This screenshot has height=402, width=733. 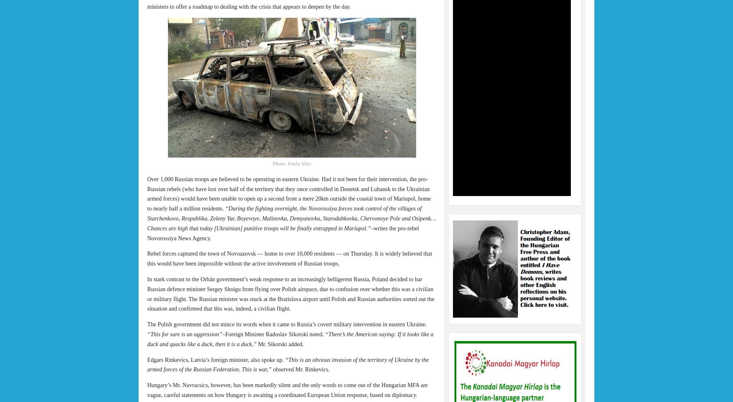 What do you see at coordinates (288, 193) in the screenshot?
I see `'Over 1,000 Russian troops are believed to be operating in eastern Ukraine. Had it not been for their intervention, the pro-Russian rebels (who have lost over half of the territory that they once controlled in Donetsk and Luhansk to the Ukrainian armed forces) would have been unable to open up a second front a mere 20km outside the coastal town of Mariupol, home to nearly half a million residents.'` at bounding box center [288, 193].